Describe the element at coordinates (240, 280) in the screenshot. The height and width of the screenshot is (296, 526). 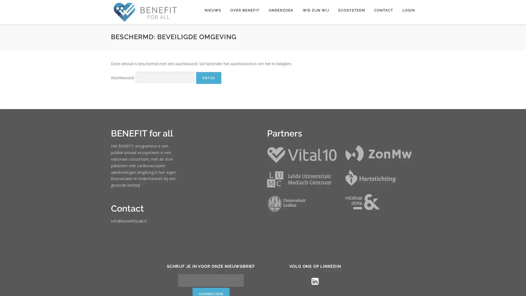
I see `Aanmelden` at that location.